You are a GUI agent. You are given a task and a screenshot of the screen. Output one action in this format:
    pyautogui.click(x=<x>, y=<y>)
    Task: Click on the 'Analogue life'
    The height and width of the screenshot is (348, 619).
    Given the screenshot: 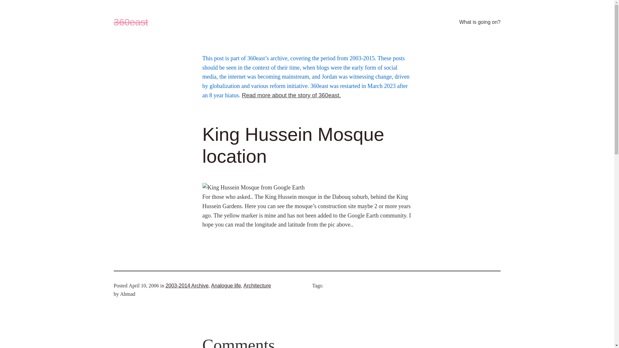 What is the action you would take?
    pyautogui.click(x=211, y=285)
    